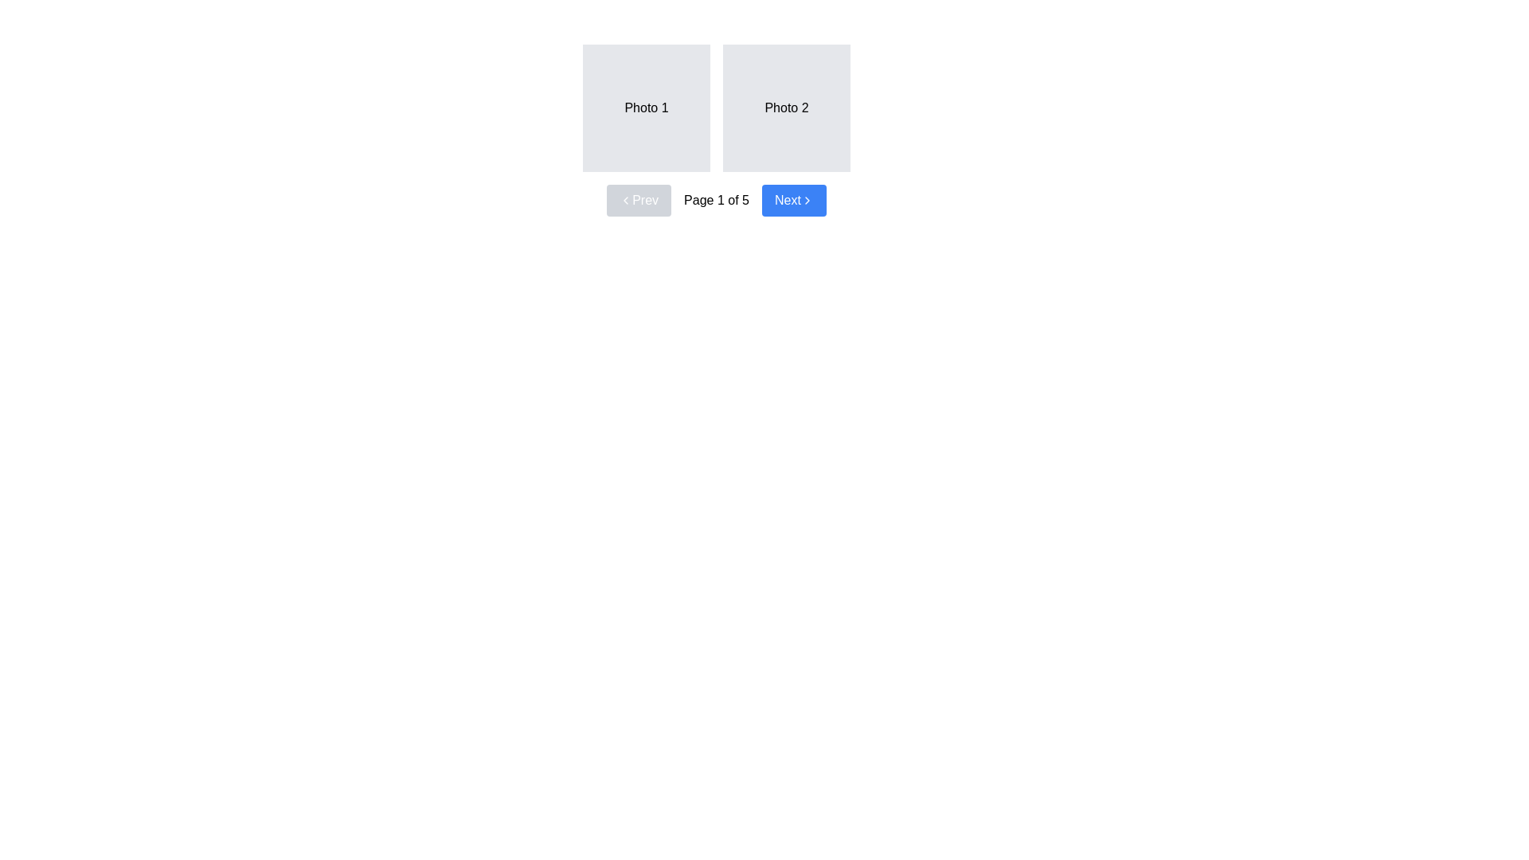 This screenshot has width=1529, height=860. What do you see at coordinates (794, 199) in the screenshot?
I see `the 'Next' button with a blue background and white text labeled 'Next'` at bounding box center [794, 199].